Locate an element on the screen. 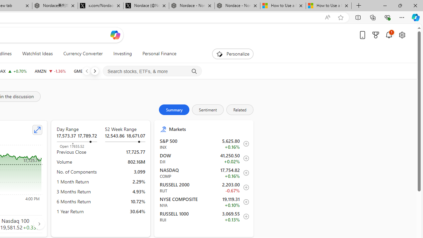 Image resolution: width=423 pixels, height=238 pixels. 'Personal Finance' is located at coordinates (159, 54).